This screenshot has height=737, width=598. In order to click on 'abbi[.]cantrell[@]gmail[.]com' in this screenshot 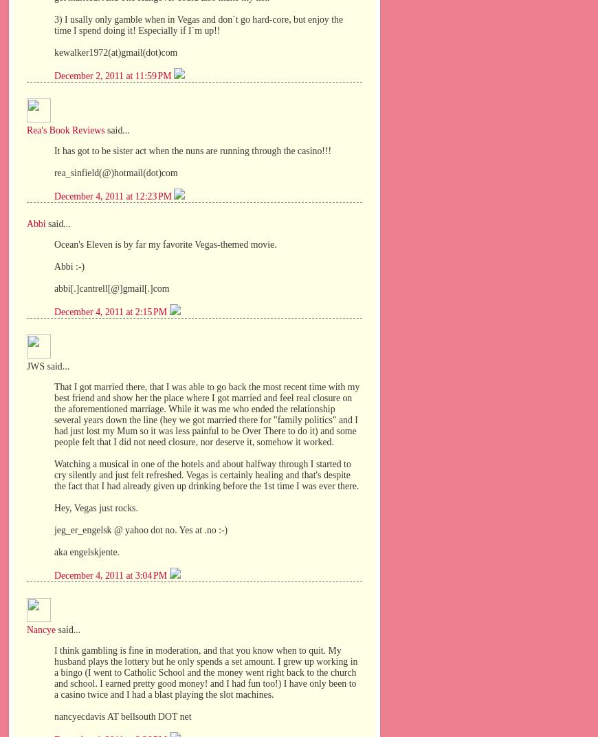, I will do `click(111, 288)`.